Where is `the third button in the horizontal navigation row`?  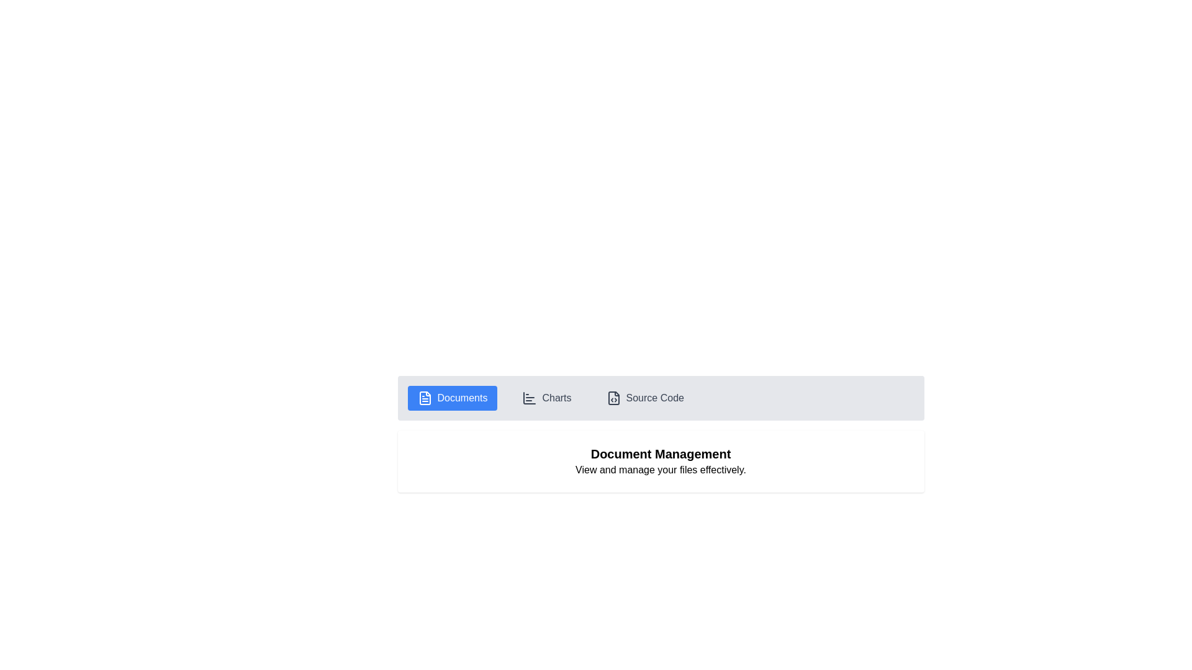 the third button in the horizontal navigation row is located at coordinates (645, 398).